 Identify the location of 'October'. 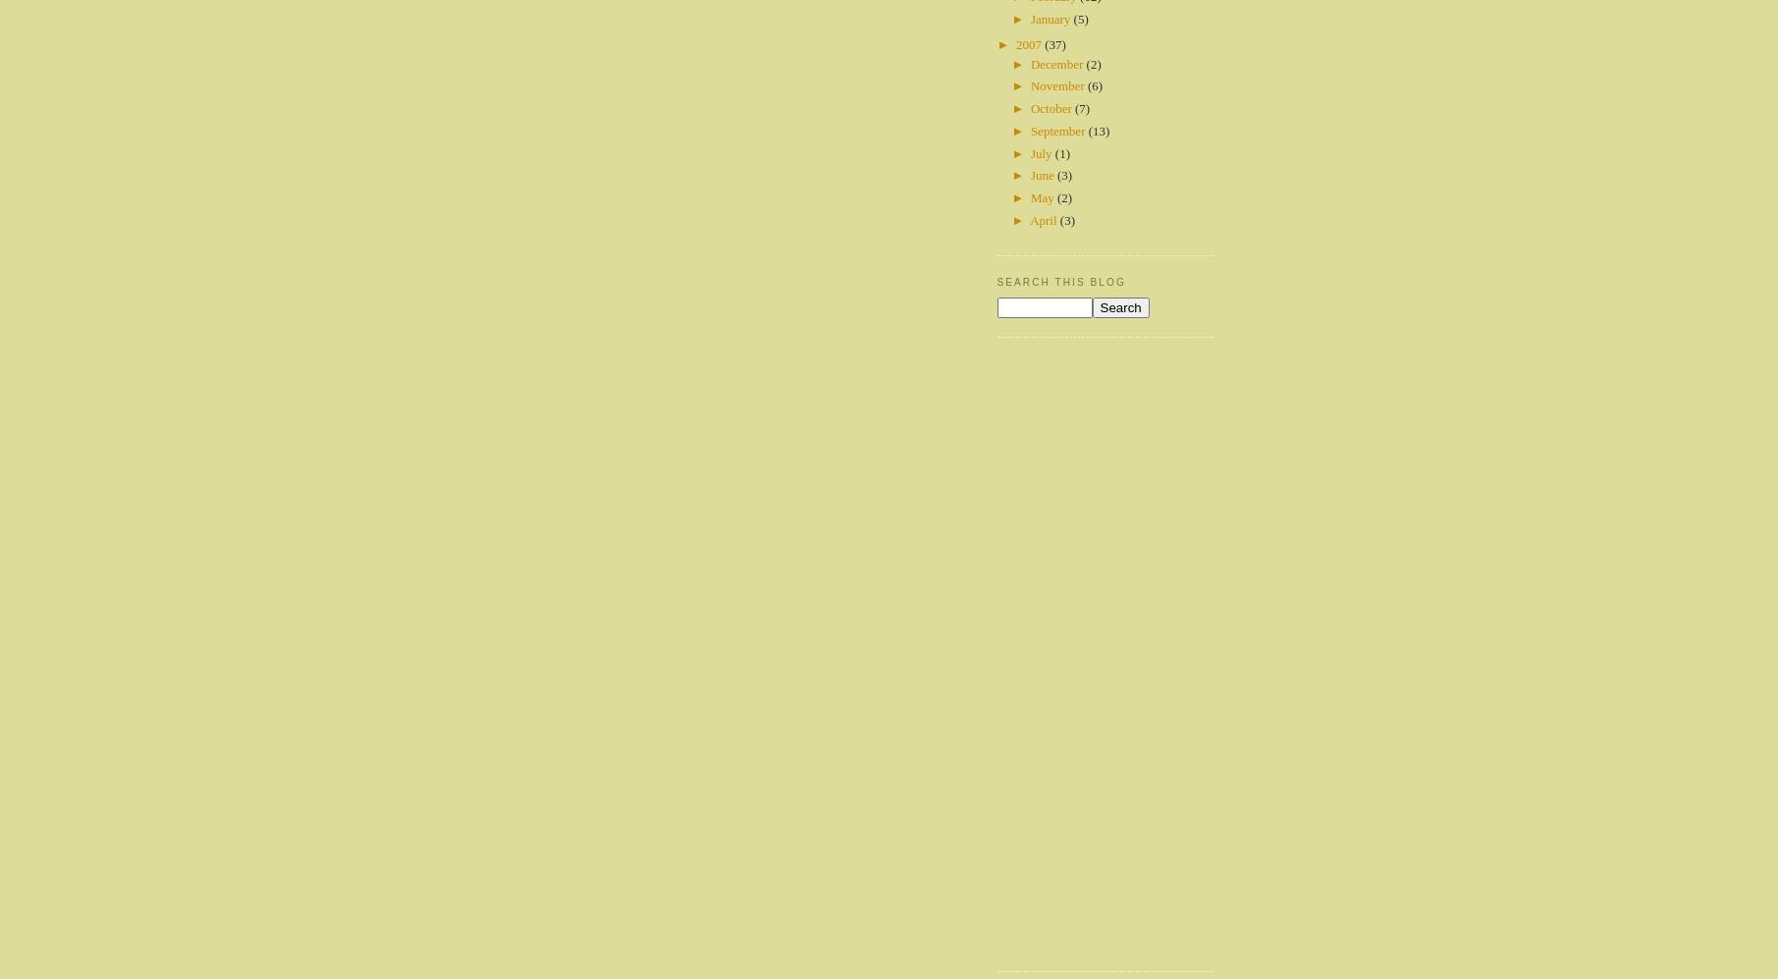
(1051, 108).